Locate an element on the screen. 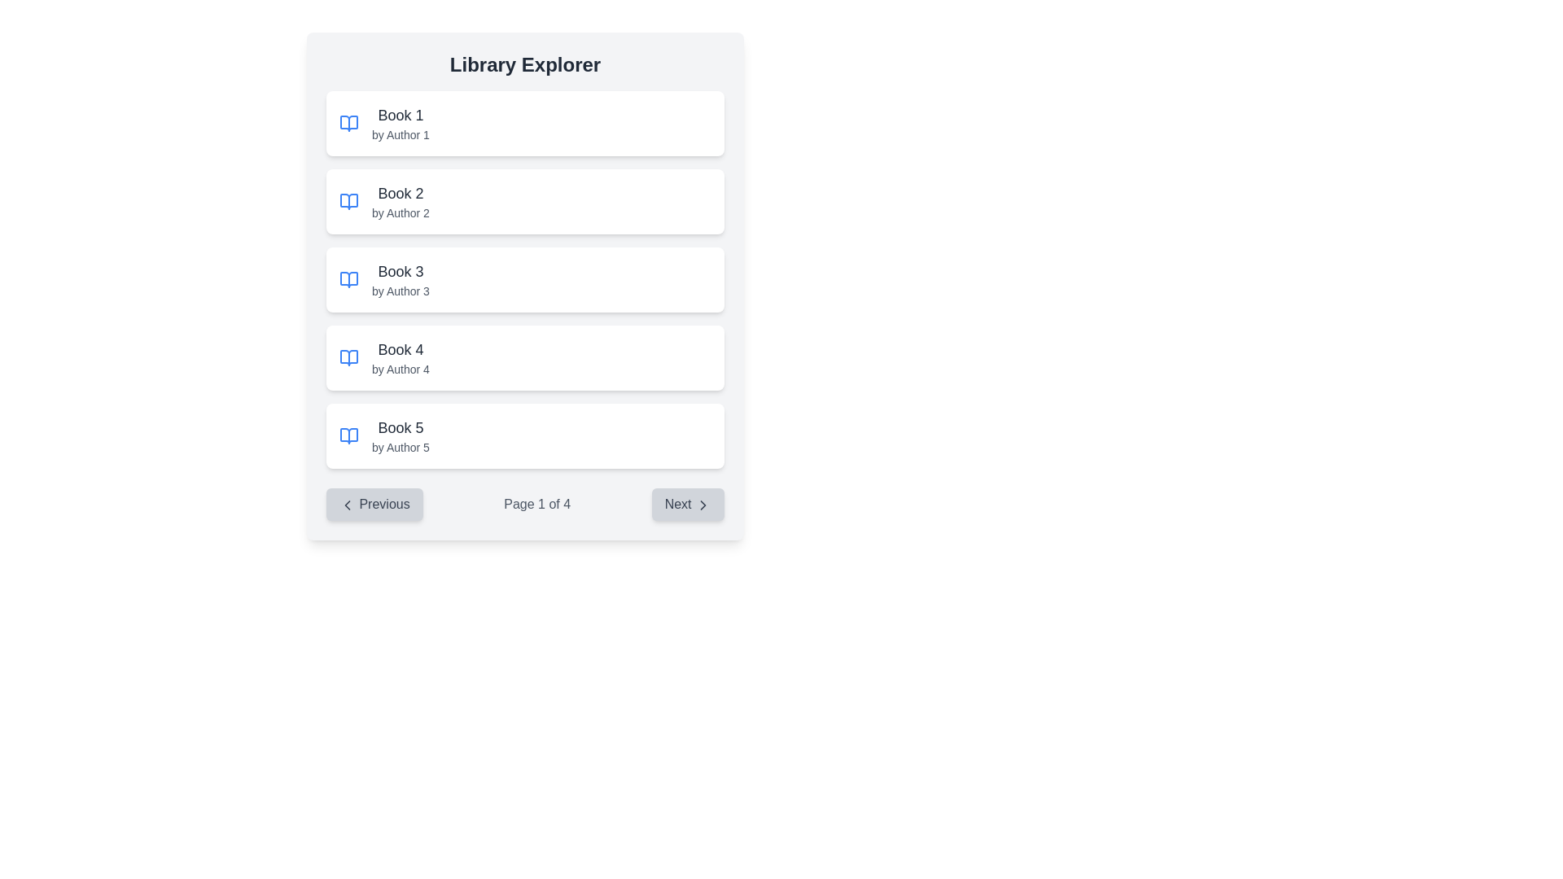  the blue book icon of 'Book 3' is located at coordinates (348, 278).